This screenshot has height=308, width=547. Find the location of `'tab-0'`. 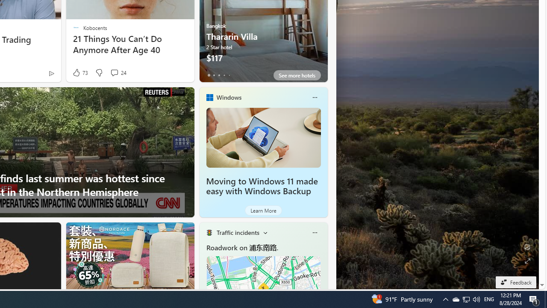

'tab-0' is located at coordinates (209, 75).